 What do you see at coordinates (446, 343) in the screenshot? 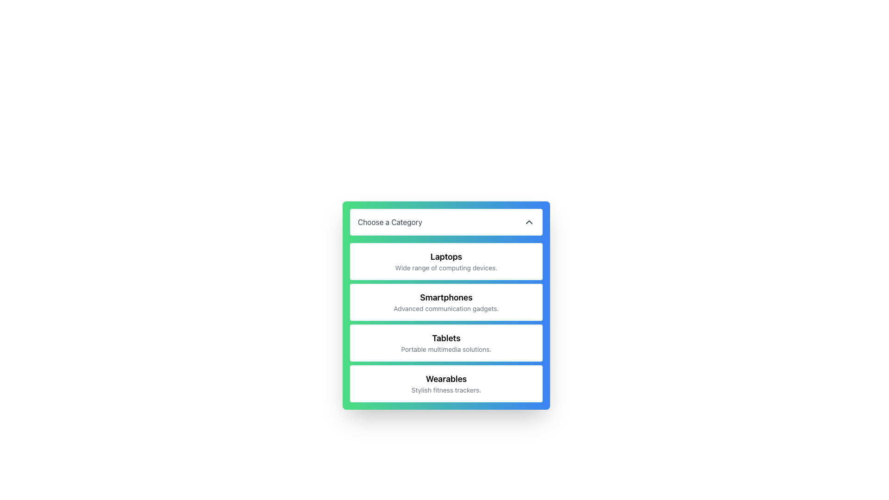
I see `the 'Tablets' category card, which is the third card in a vertically-stacked list of cards, featuring a white background and rounded corners, displaying 'Tablets' in bold black text` at bounding box center [446, 343].